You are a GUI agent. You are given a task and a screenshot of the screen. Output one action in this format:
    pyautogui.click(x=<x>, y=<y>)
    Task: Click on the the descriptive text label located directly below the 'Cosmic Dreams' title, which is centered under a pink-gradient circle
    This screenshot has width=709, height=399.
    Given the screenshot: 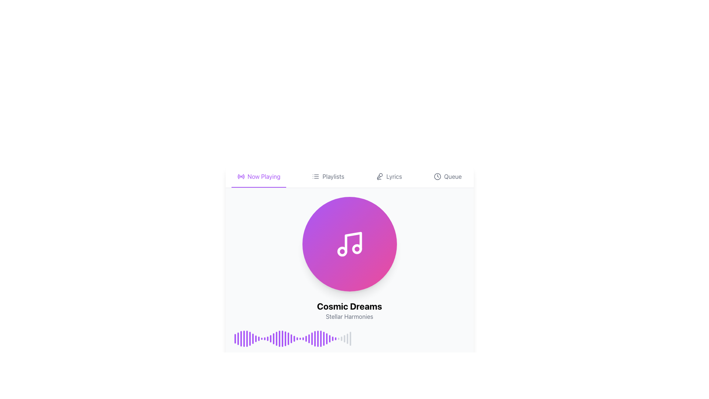 What is the action you would take?
    pyautogui.click(x=349, y=316)
    